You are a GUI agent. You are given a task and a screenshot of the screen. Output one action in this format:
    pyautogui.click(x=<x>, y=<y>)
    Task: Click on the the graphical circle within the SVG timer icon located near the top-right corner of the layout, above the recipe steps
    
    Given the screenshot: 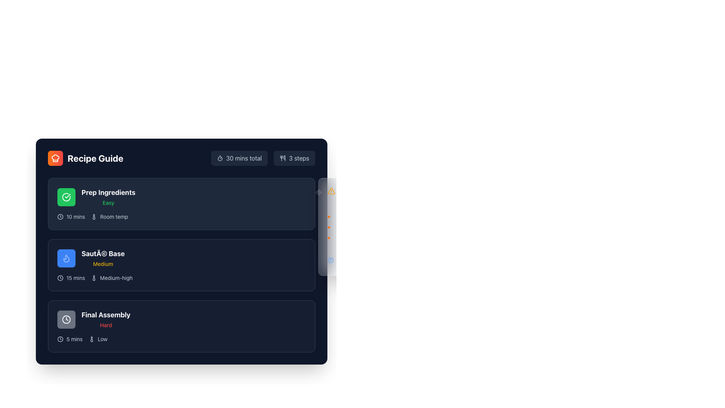 What is the action you would take?
    pyautogui.click(x=219, y=158)
    